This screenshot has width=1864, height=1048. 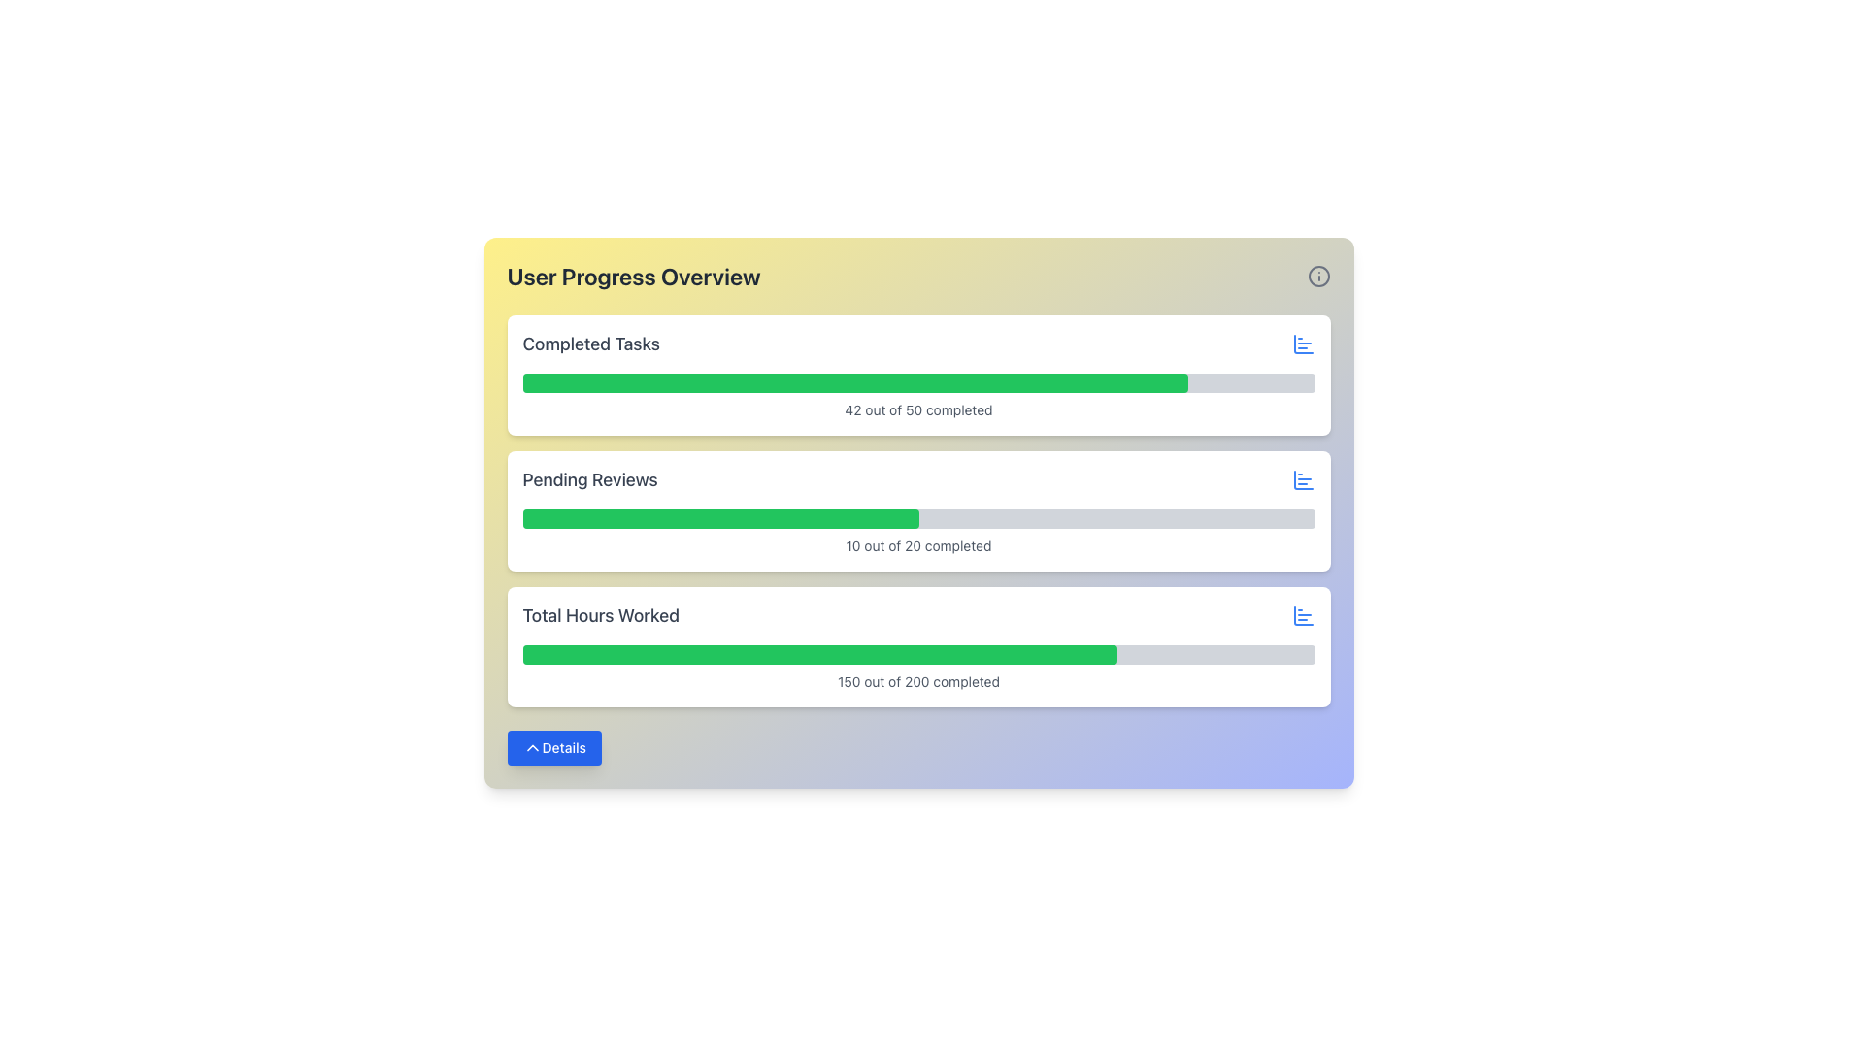 I want to click on the progress status of the Progress Bar located in the 'Pending Reviews' section, which is visually characterized by a rounded rectangular shape with a partially filled green segment indicating 50% progress, so click(x=917, y=518).